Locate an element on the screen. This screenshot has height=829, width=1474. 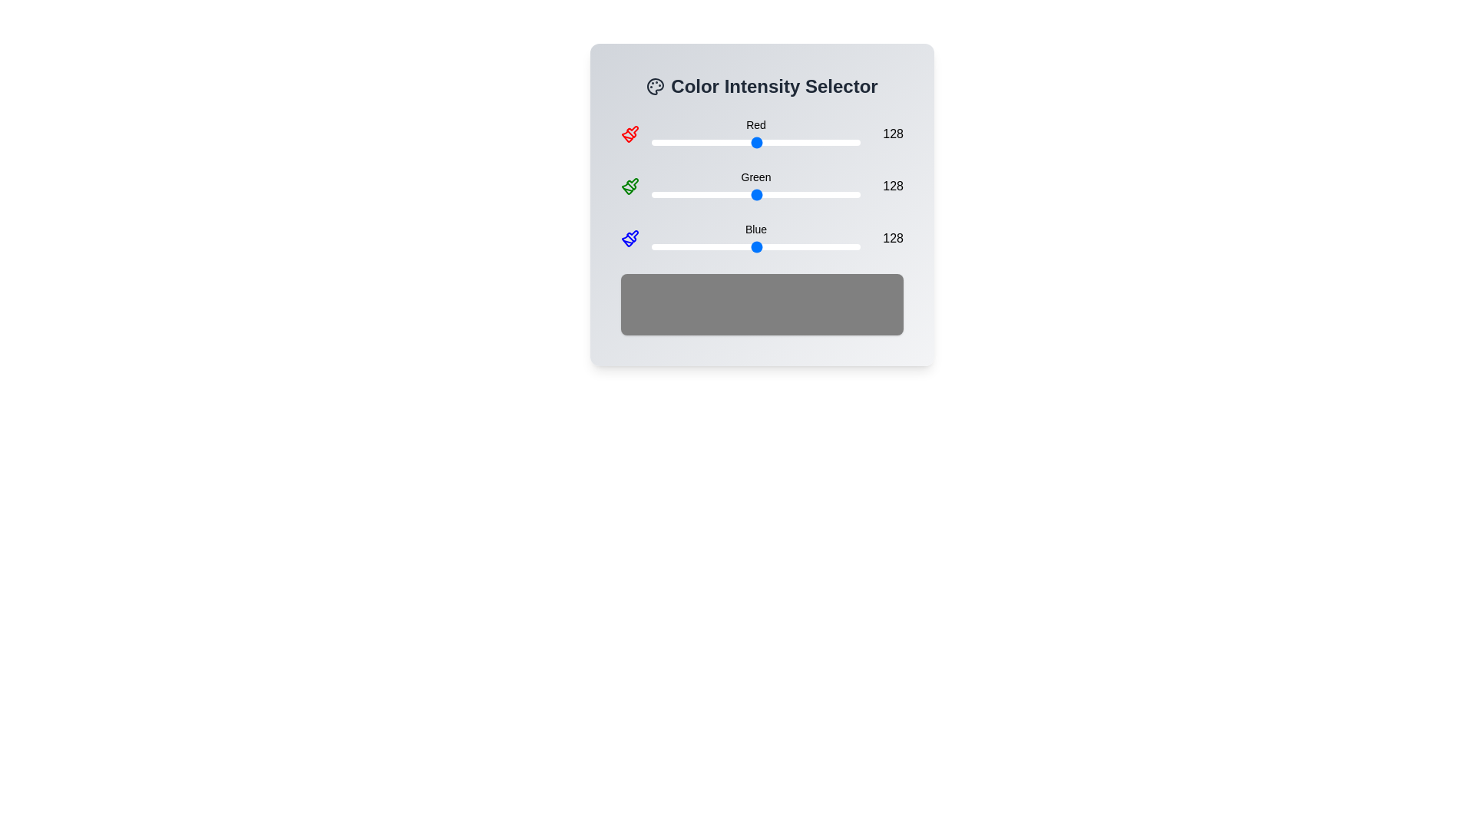
the 'Green' color channel icon in the Color Intensity Selector interface, which is the second icon from the top, located to the left of the label 'Green.' is located at coordinates (627, 188).